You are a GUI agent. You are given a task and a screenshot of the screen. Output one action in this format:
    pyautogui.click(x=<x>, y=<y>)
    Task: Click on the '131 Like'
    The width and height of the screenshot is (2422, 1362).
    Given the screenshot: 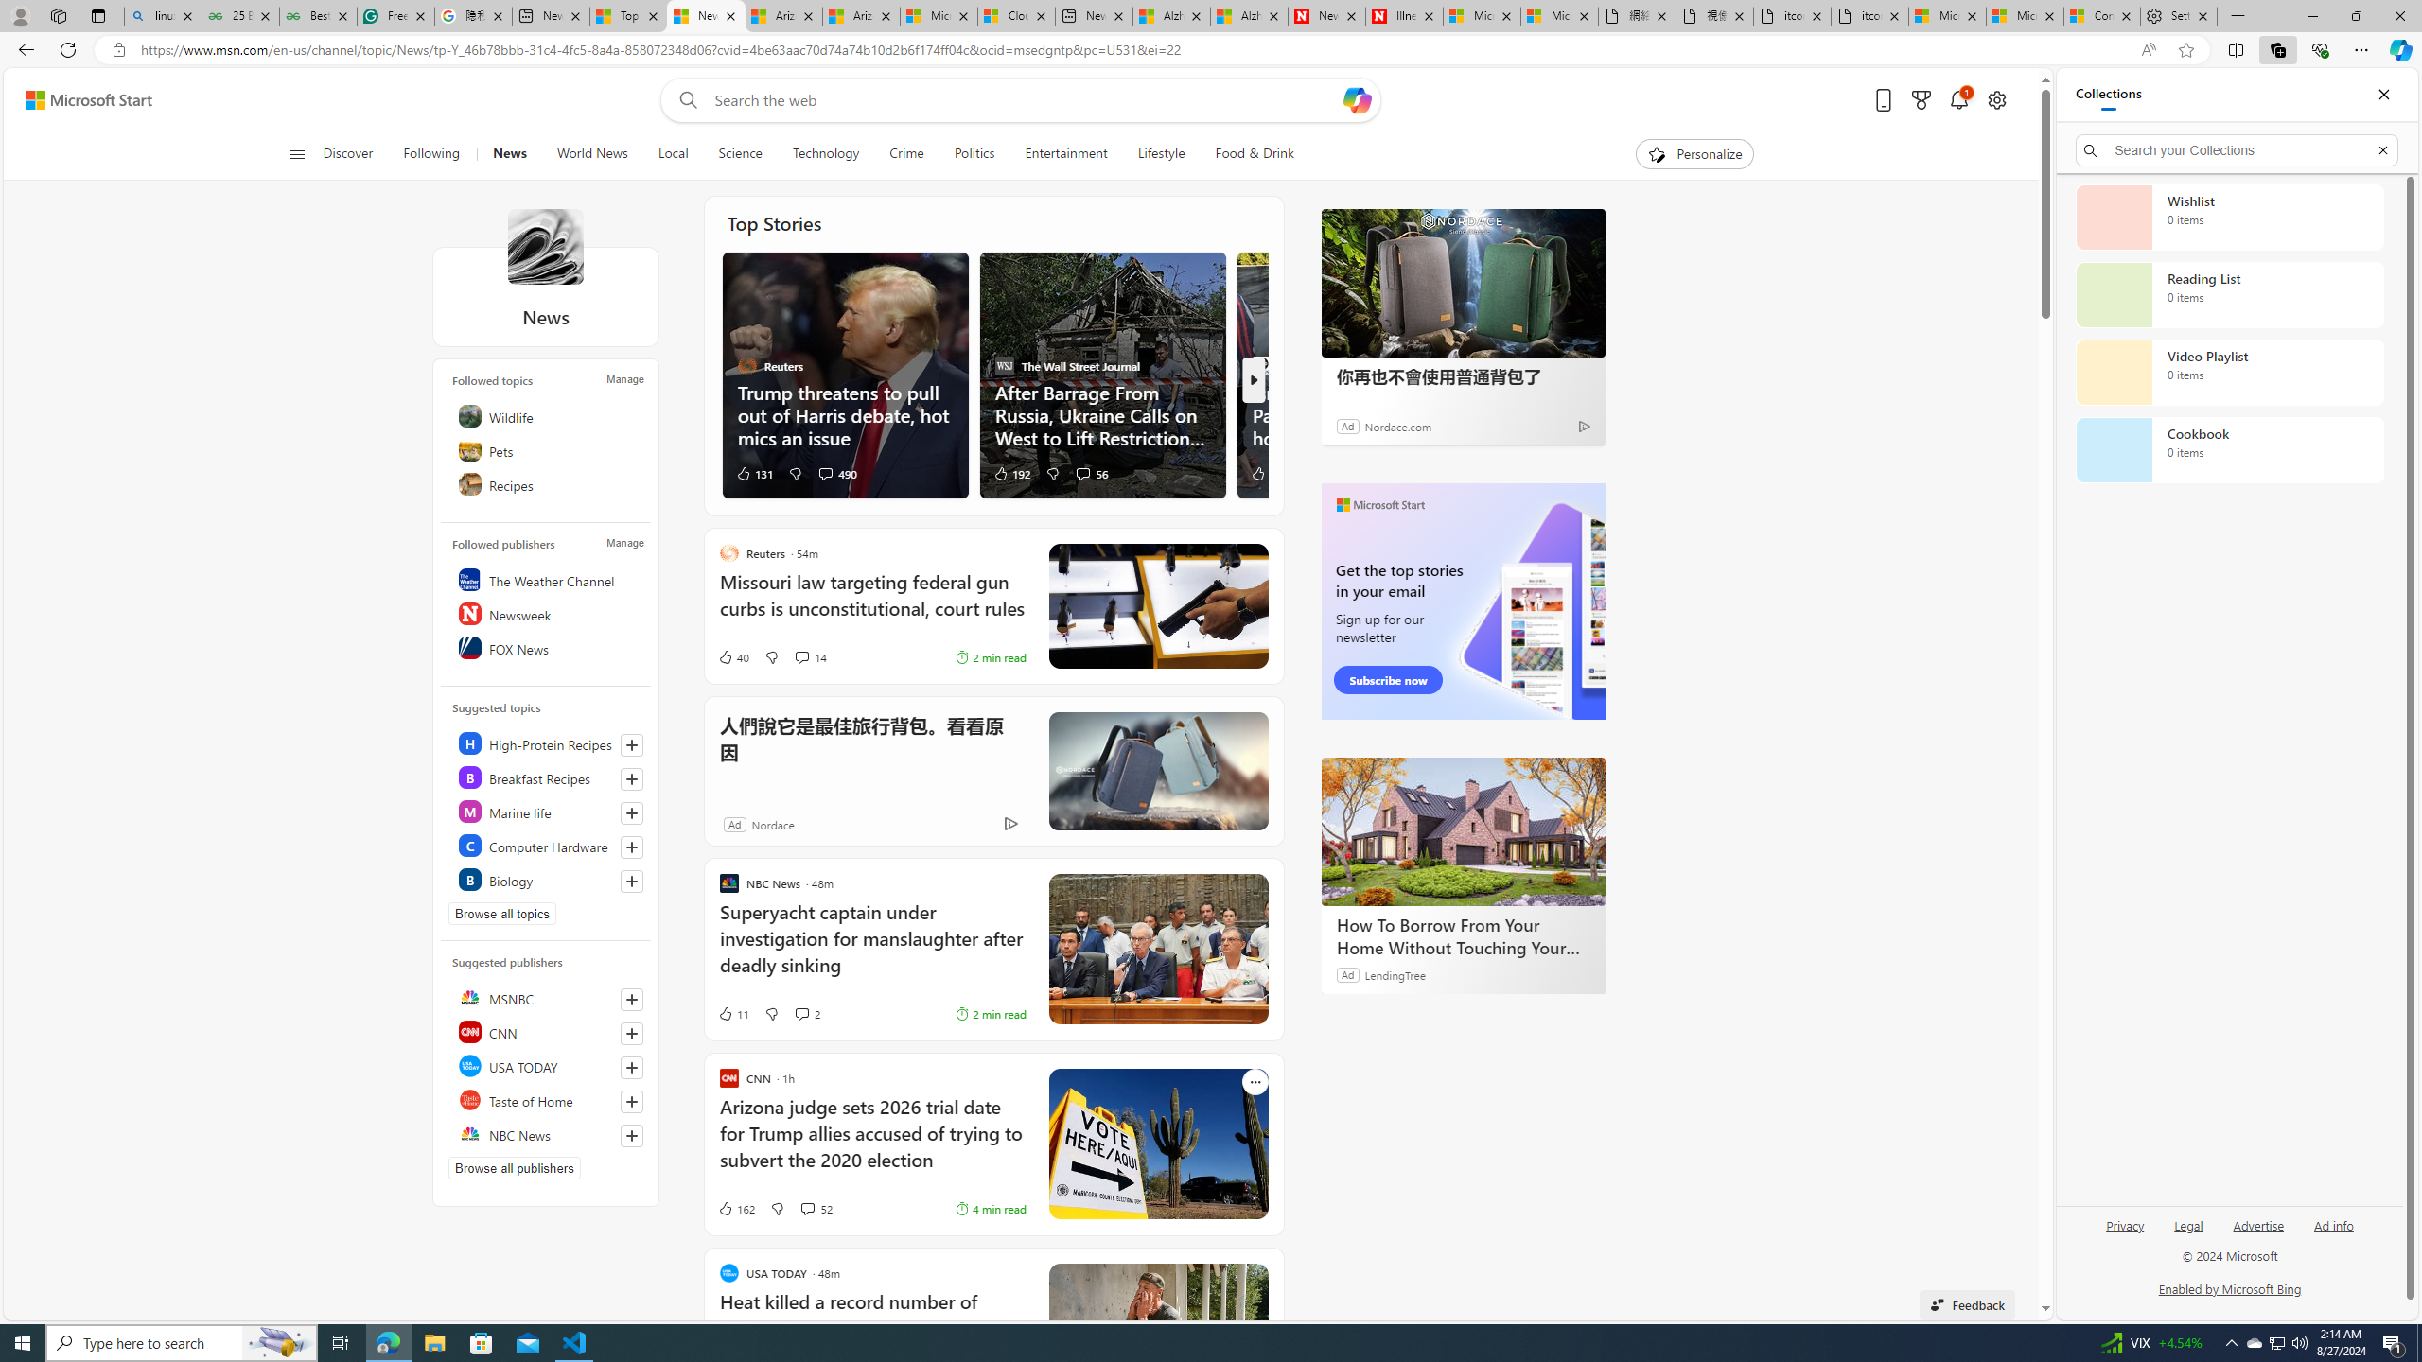 What is the action you would take?
    pyautogui.click(x=752, y=472)
    